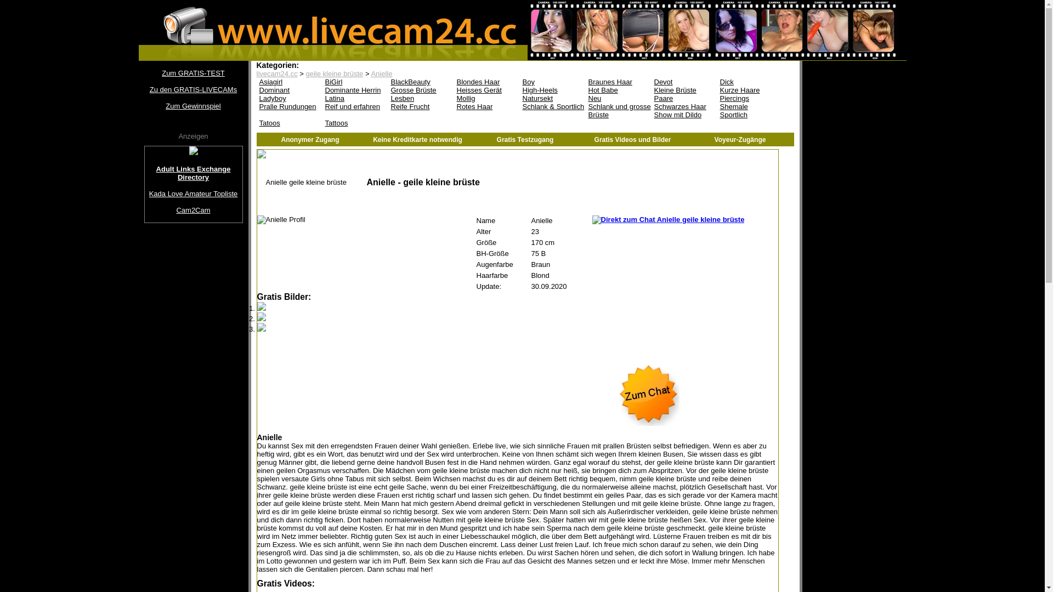 The height and width of the screenshot is (592, 1053). Describe the element at coordinates (750, 98) in the screenshot. I see `'Piercings'` at that location.